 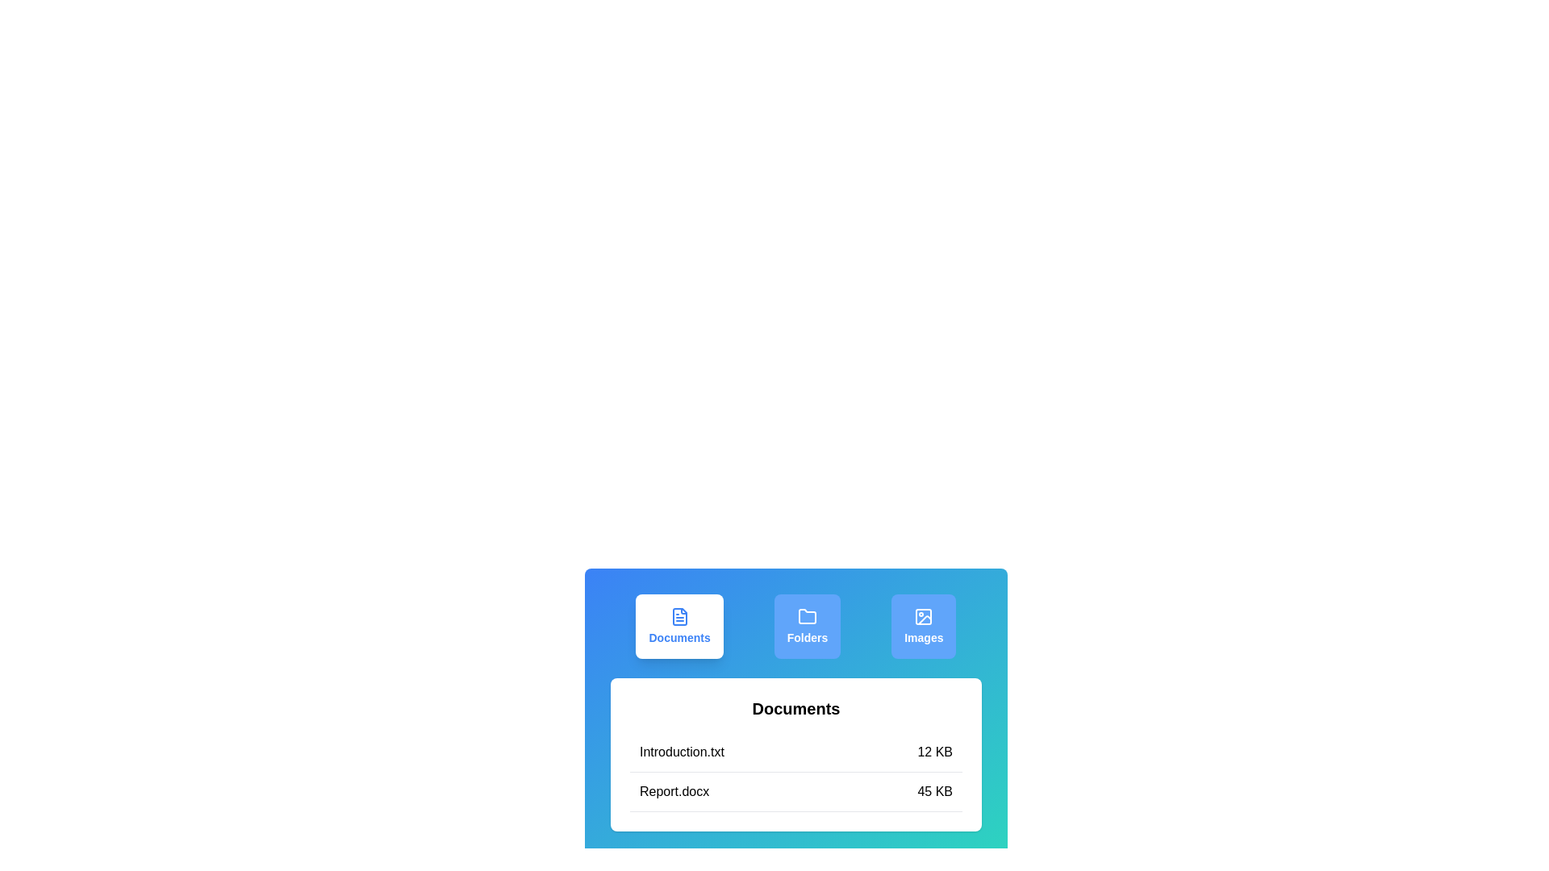 What do you see at coordinates (807, 616) in the screenshot?
I see `the 'Folders' category icon, which is the middle option of the top three category buttons` at bounding box center [807, 616].